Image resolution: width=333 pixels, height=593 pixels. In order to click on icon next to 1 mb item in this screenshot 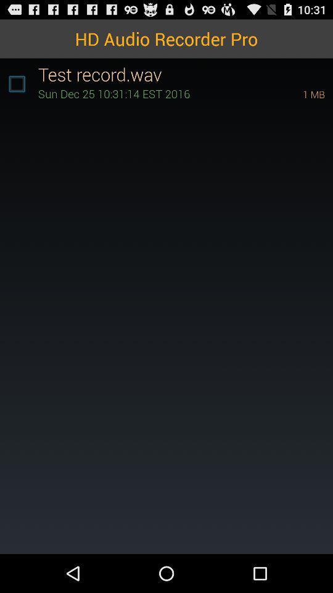, I will do `click(153, 93)`.